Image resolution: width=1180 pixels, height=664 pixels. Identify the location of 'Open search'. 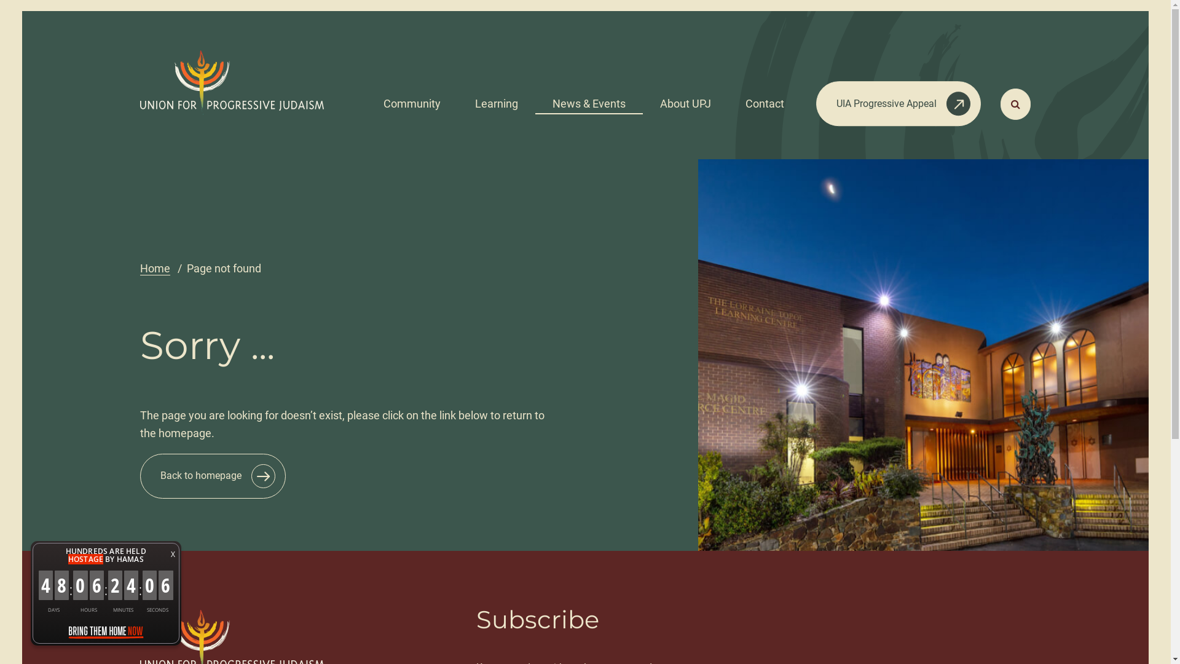
(1015, 103).